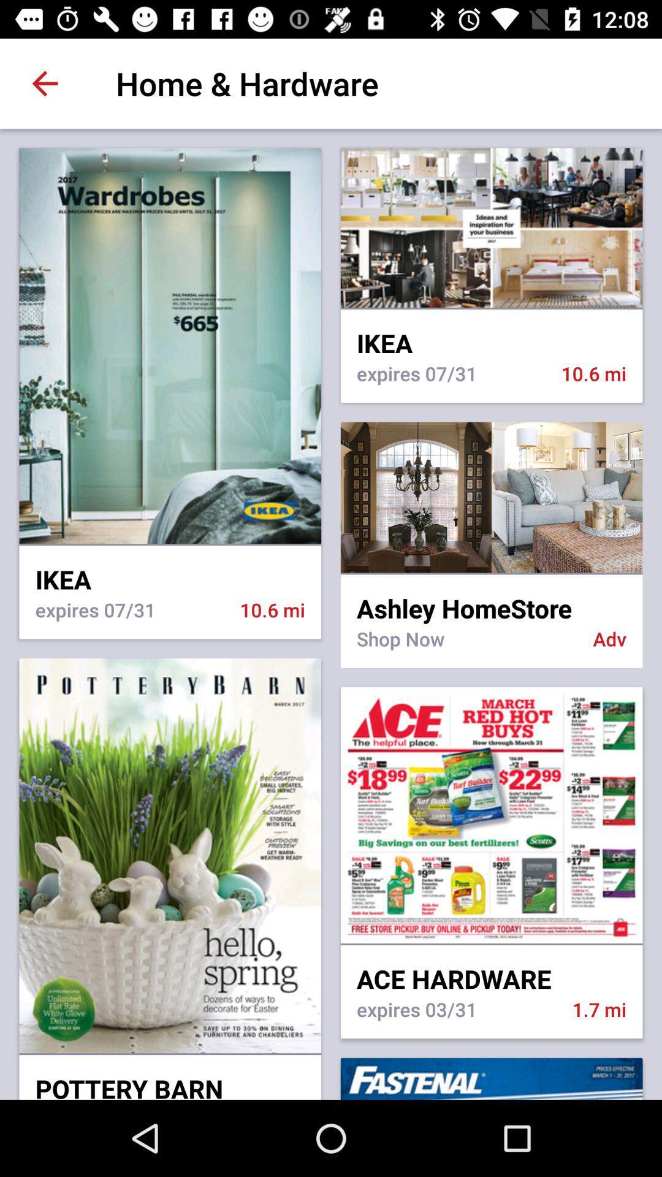  I want to click on open advertisement, so click(491, 497).